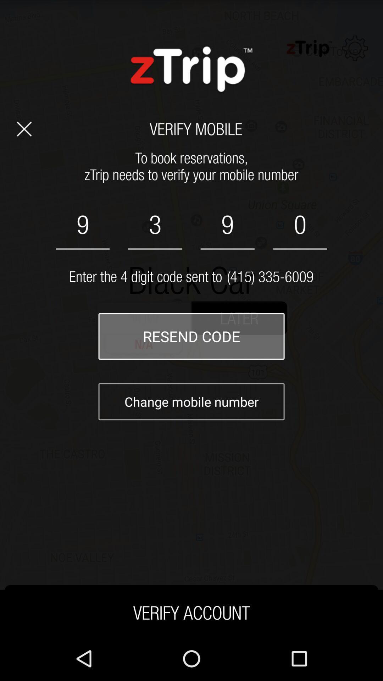  Describe the element at coordinates (24, 129) in the screenshot. I see `the cross mark symbol on the left of verify mobile` at that location.